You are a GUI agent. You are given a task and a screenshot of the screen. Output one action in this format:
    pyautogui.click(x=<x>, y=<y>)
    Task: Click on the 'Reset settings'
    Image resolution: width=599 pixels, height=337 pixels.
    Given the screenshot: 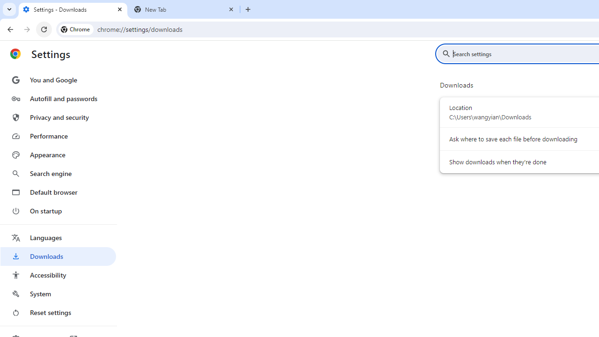 What is the action you would take?
    pyautogui.click(x=58, y=313)
    